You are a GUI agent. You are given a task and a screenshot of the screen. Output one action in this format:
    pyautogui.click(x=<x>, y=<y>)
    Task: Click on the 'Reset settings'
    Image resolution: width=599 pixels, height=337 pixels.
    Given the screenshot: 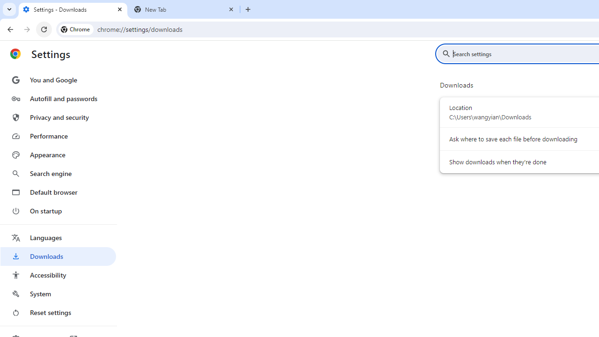 What is the action you would take?
    pyautogui.click(x=58, y=313)
    